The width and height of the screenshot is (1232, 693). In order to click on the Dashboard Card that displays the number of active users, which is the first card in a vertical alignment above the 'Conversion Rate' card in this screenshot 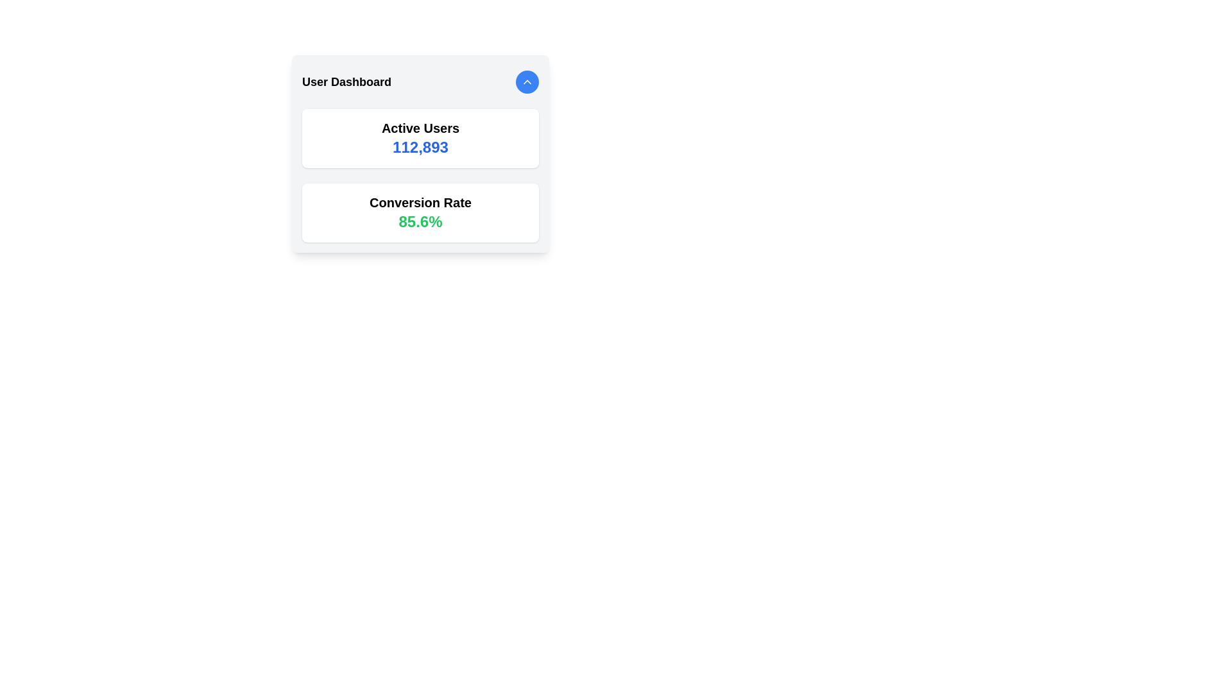, I will do `click(420, 139)`.